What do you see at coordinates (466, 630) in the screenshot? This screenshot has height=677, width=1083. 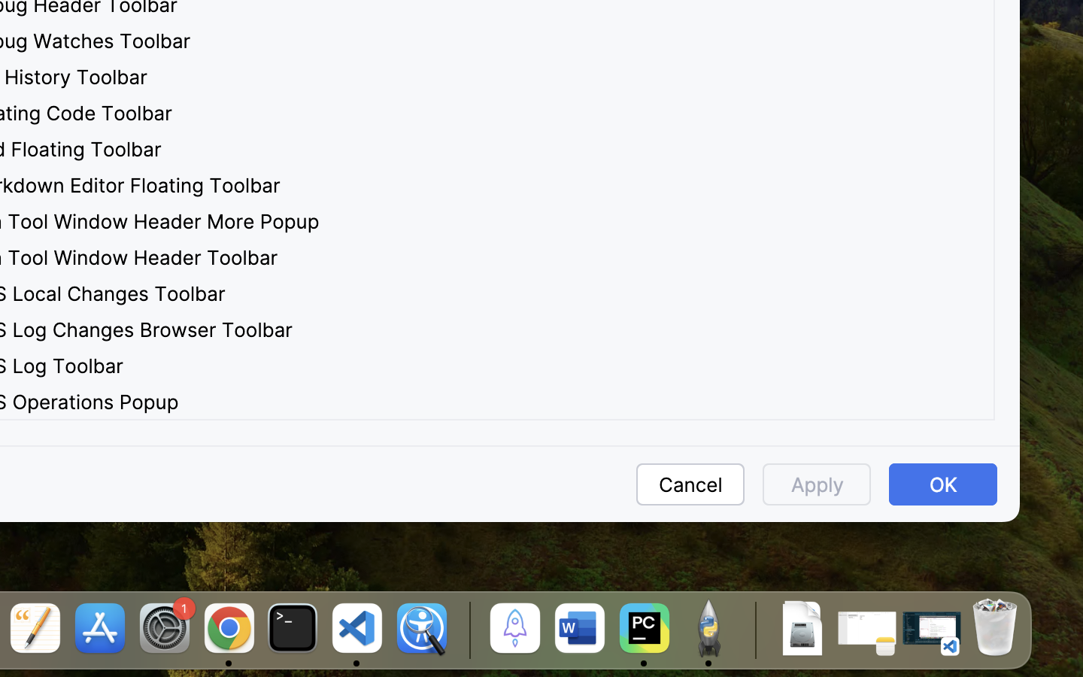 I see `'0.4285714328289032'` at bounding box center [466, 630].